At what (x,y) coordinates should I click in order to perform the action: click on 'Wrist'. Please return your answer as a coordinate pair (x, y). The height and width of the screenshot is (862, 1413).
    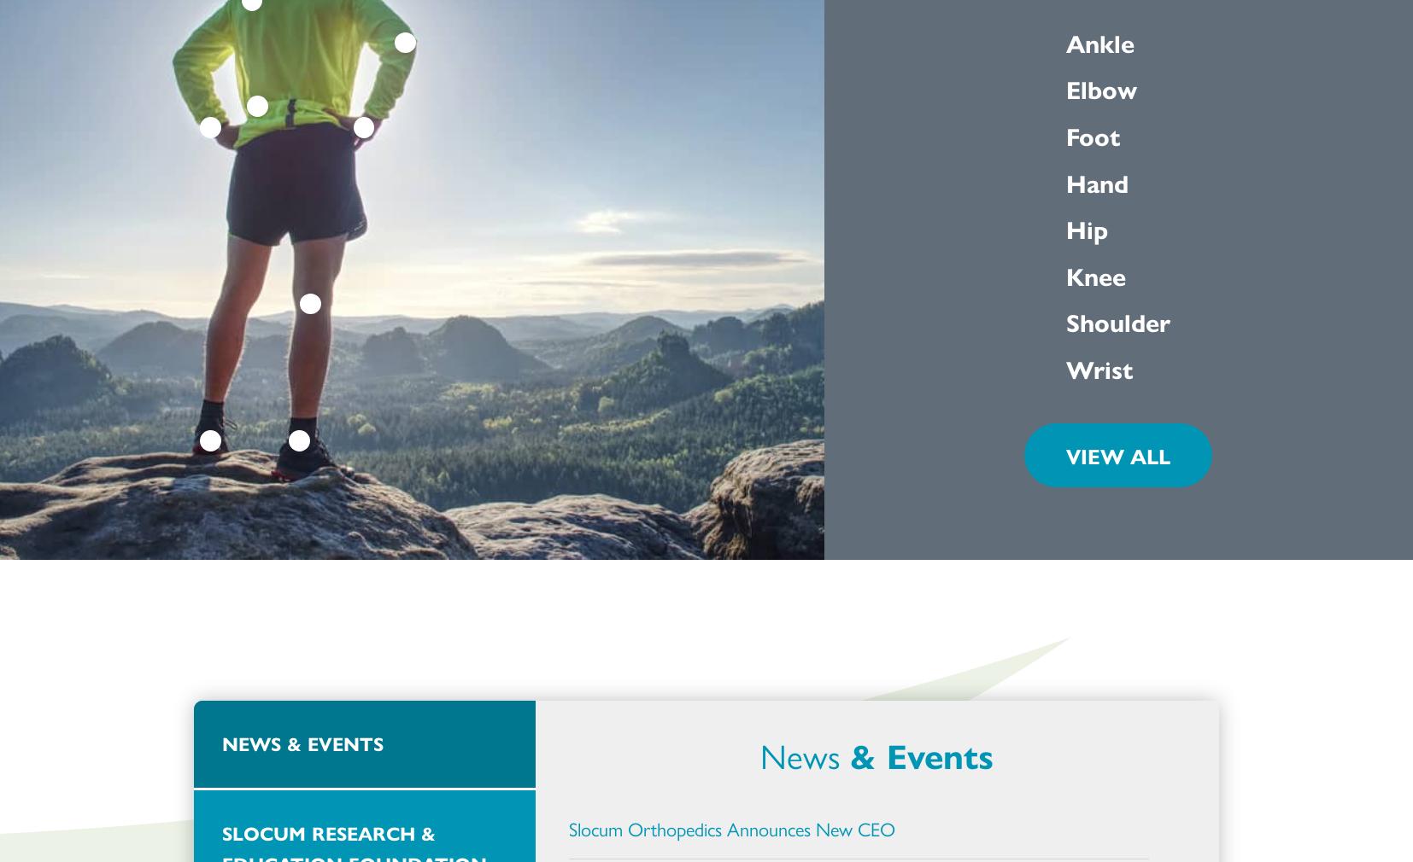
    Looking at the image, I should click on (1099, 367).